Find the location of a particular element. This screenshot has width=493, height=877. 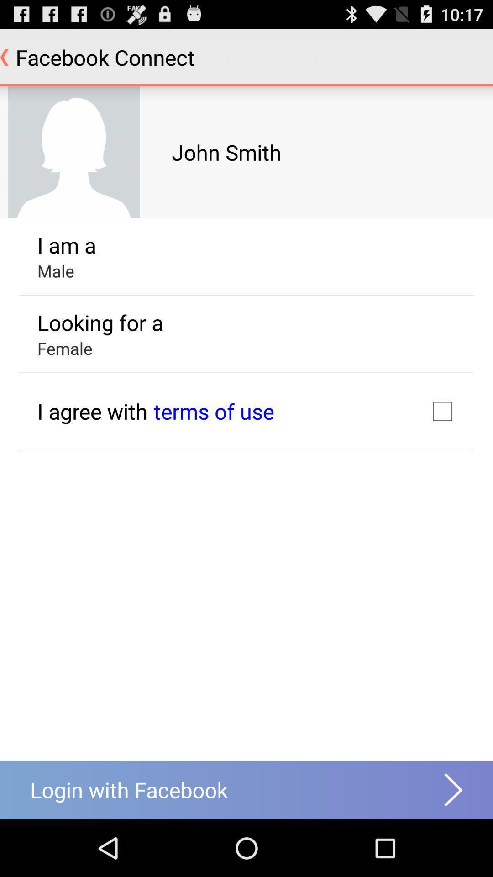

item to the right of terms of use icon is located at coordinates (442, 411).